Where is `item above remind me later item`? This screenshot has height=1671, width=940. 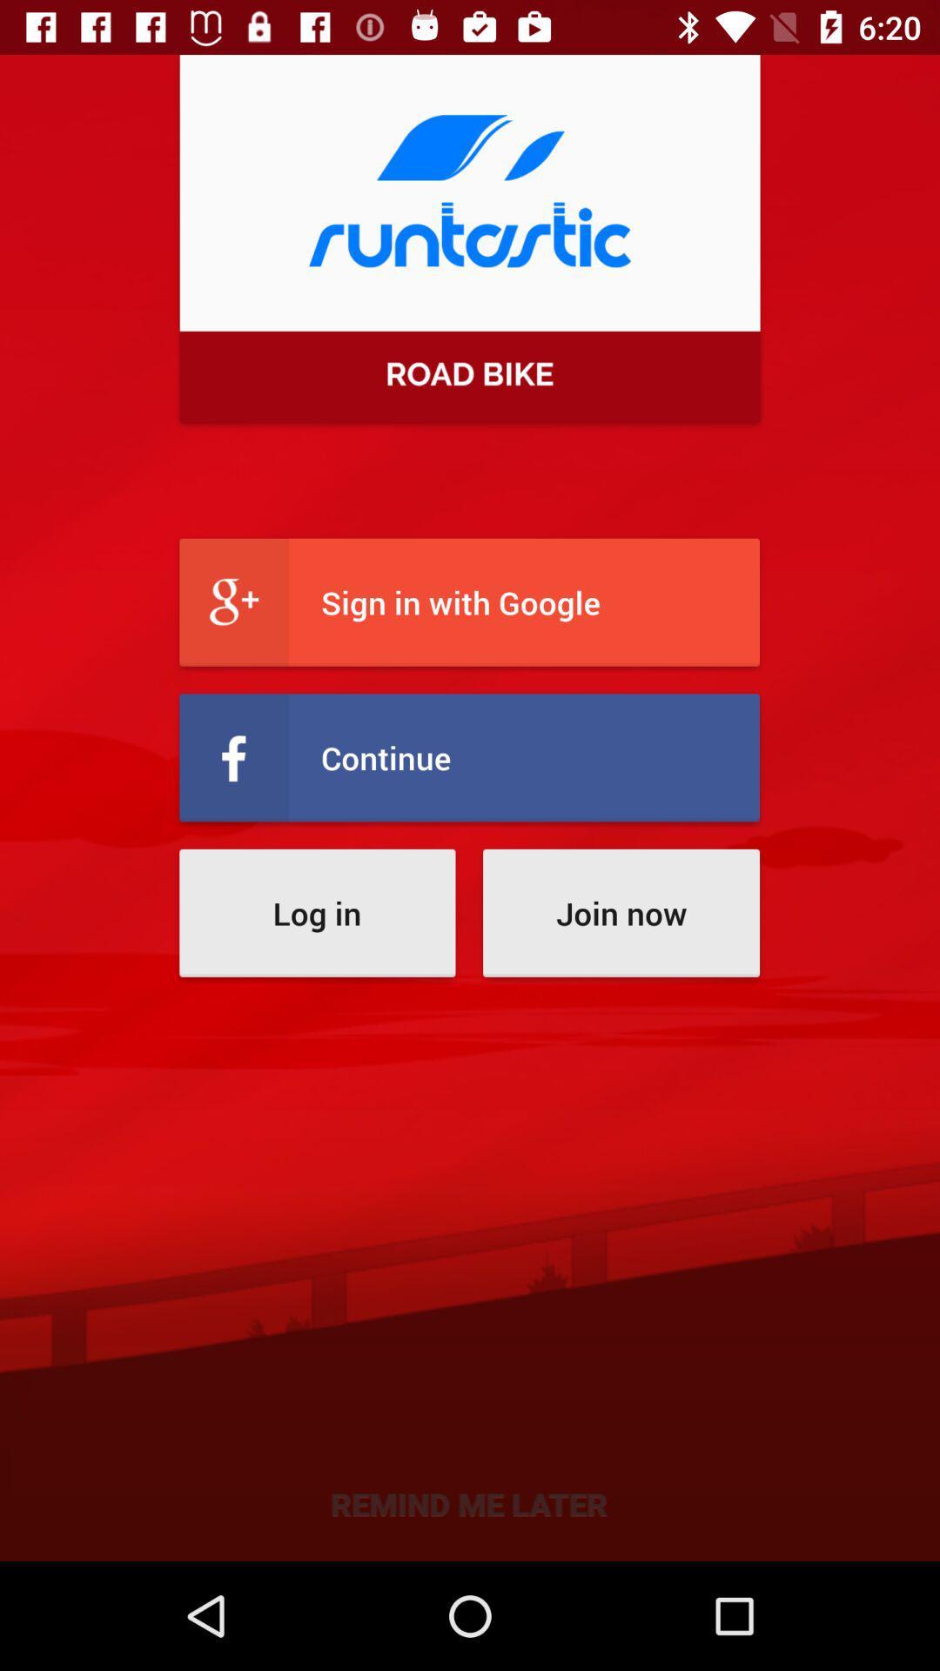
item above remind me later item is located at coordinates (317, 912).